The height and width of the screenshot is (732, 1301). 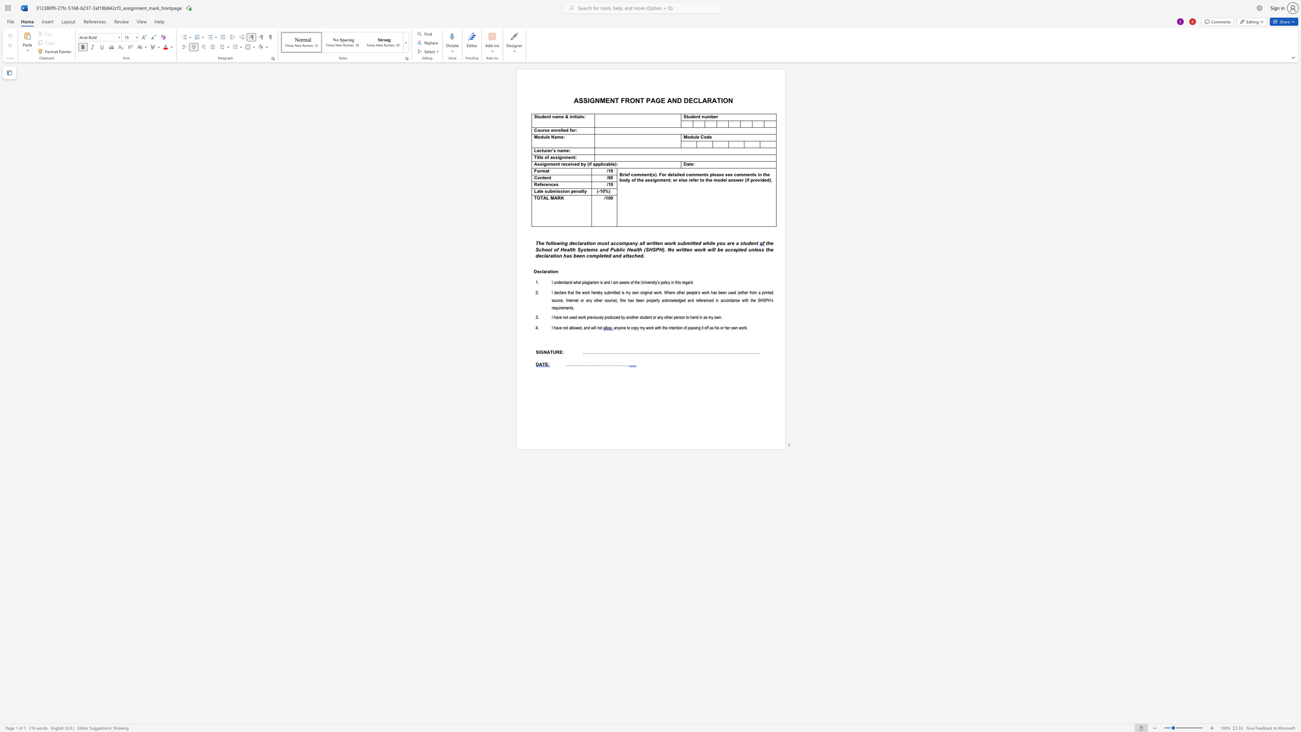 What do you see at coordinates (696, 137) in the screenshot?
I see `the space between the continuous character "l" and "e" in the text` at bounding box center [696, 137].